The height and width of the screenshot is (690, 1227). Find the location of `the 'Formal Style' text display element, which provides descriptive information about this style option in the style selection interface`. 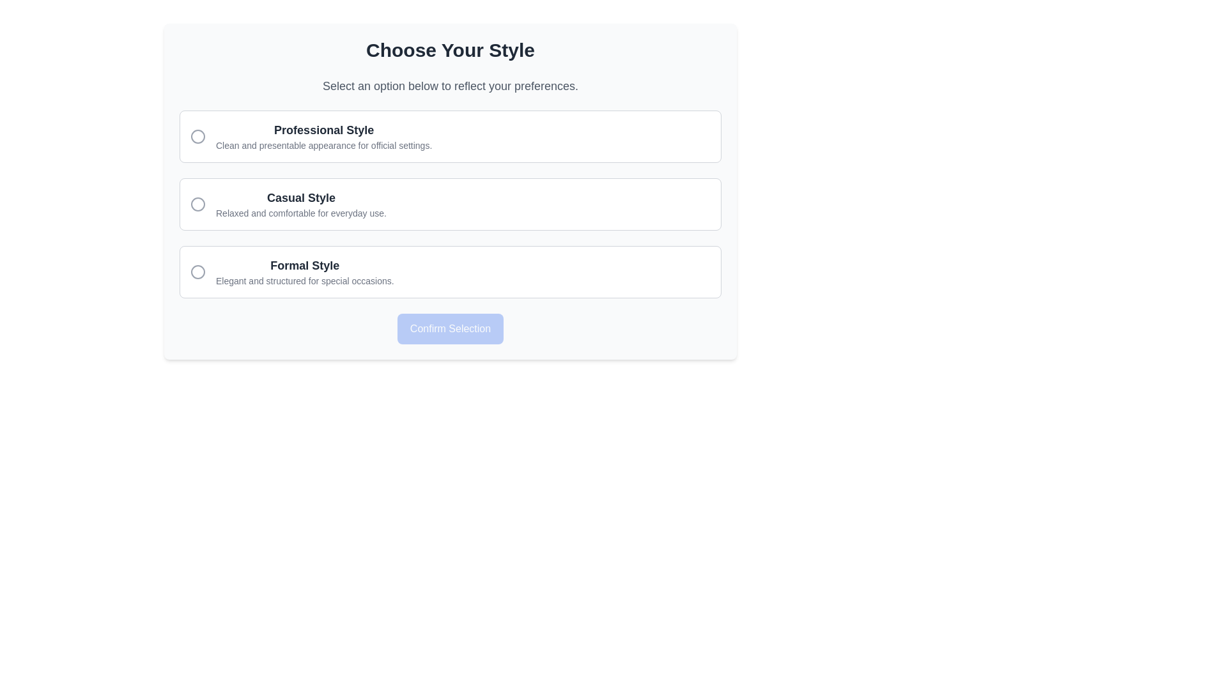

the 'Formal Style' text display element, which provides descriptive information about this style option in the style selection interface is located at coordinates (304, 271).